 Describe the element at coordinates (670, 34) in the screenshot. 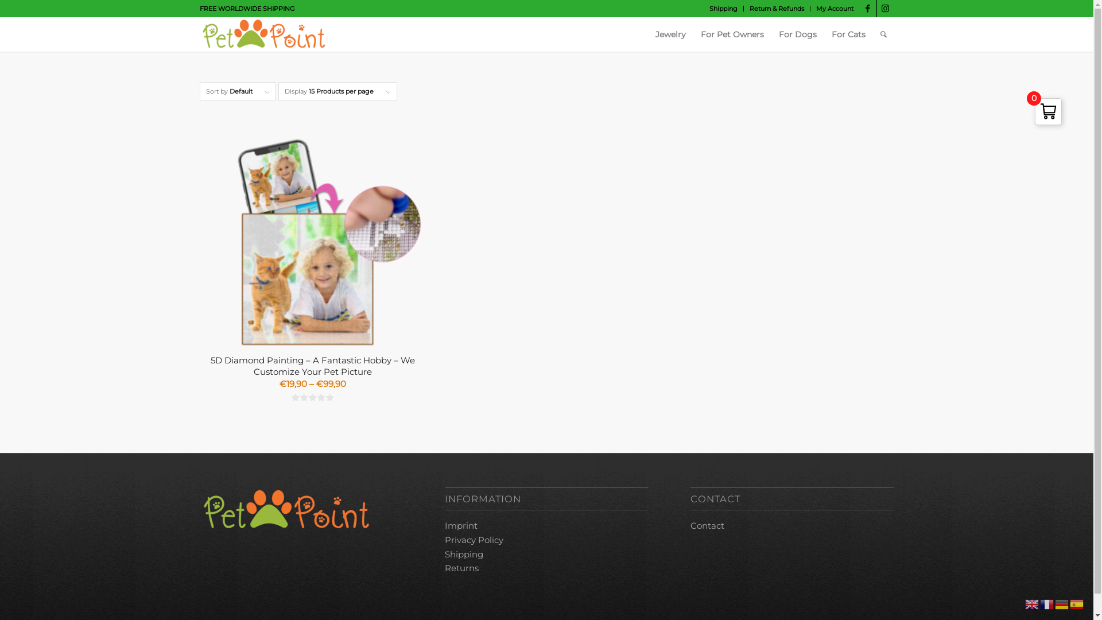

I see `'Jewelry'` at that location.